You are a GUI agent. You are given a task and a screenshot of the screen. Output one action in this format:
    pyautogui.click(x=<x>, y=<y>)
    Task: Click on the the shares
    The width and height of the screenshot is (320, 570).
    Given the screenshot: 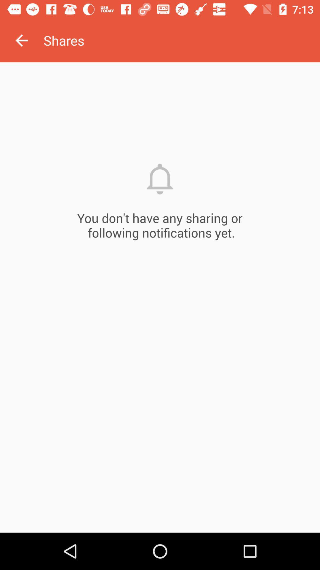 What is the action you would take?
    pyautogui.click(x=181, y=40)
    